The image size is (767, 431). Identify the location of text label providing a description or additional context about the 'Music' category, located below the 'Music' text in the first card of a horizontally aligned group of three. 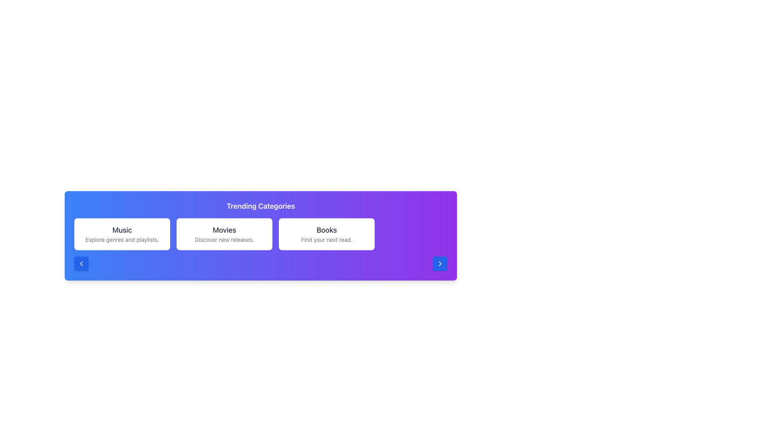
(122, 239).